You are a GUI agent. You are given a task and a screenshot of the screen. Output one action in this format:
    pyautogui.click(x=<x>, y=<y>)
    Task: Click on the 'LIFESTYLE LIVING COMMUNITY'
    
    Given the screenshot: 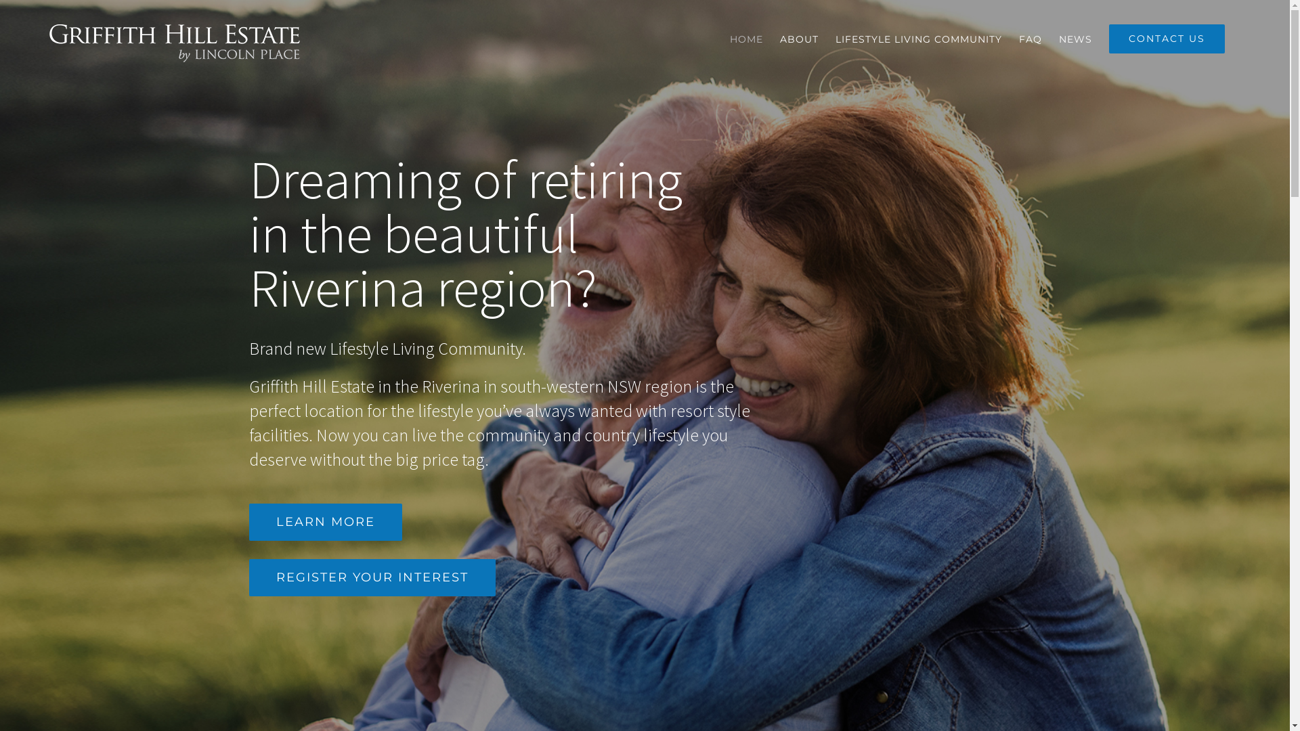 What is the action you would take?
    pyautogui.click(x=834, y=38)
    